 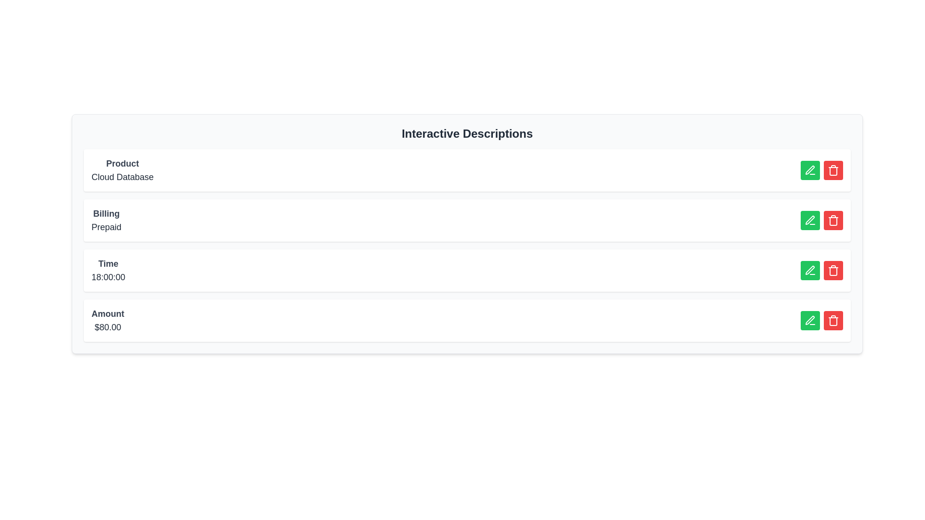 What do you see at coordinates (809, 321) in the screenshot?
I see `the green button with a white pen icon located at the right side of the last entry in the interactive descriptions section to initiate an edit action` at bounding box center [809, 321].